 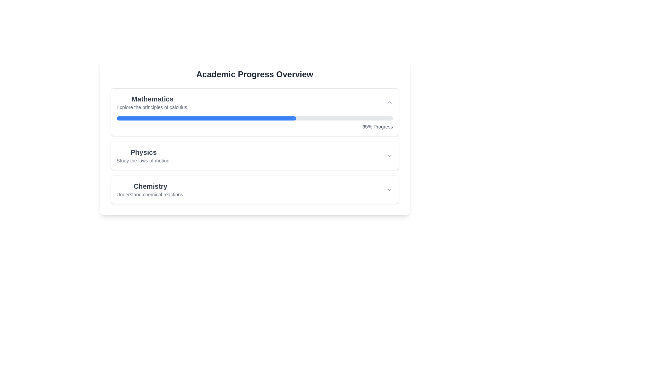 What do you see at coordinates (143, 160) in the screenshot?
I see `the text label that says "Study the laws of motion." located under the title "Physics"` at bounding box center [143, 160].